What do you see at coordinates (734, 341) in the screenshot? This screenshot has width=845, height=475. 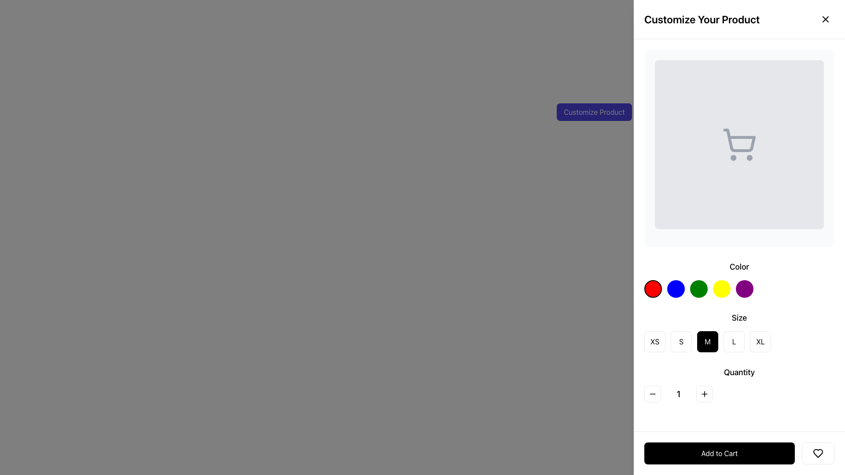 I see `the button labeled 'L', which is a square button with rounded corners, light gray border, and white background, containing the character 'L' in black, located in the 'Size' section of the product customization panel` at bounding box center [734, 341].